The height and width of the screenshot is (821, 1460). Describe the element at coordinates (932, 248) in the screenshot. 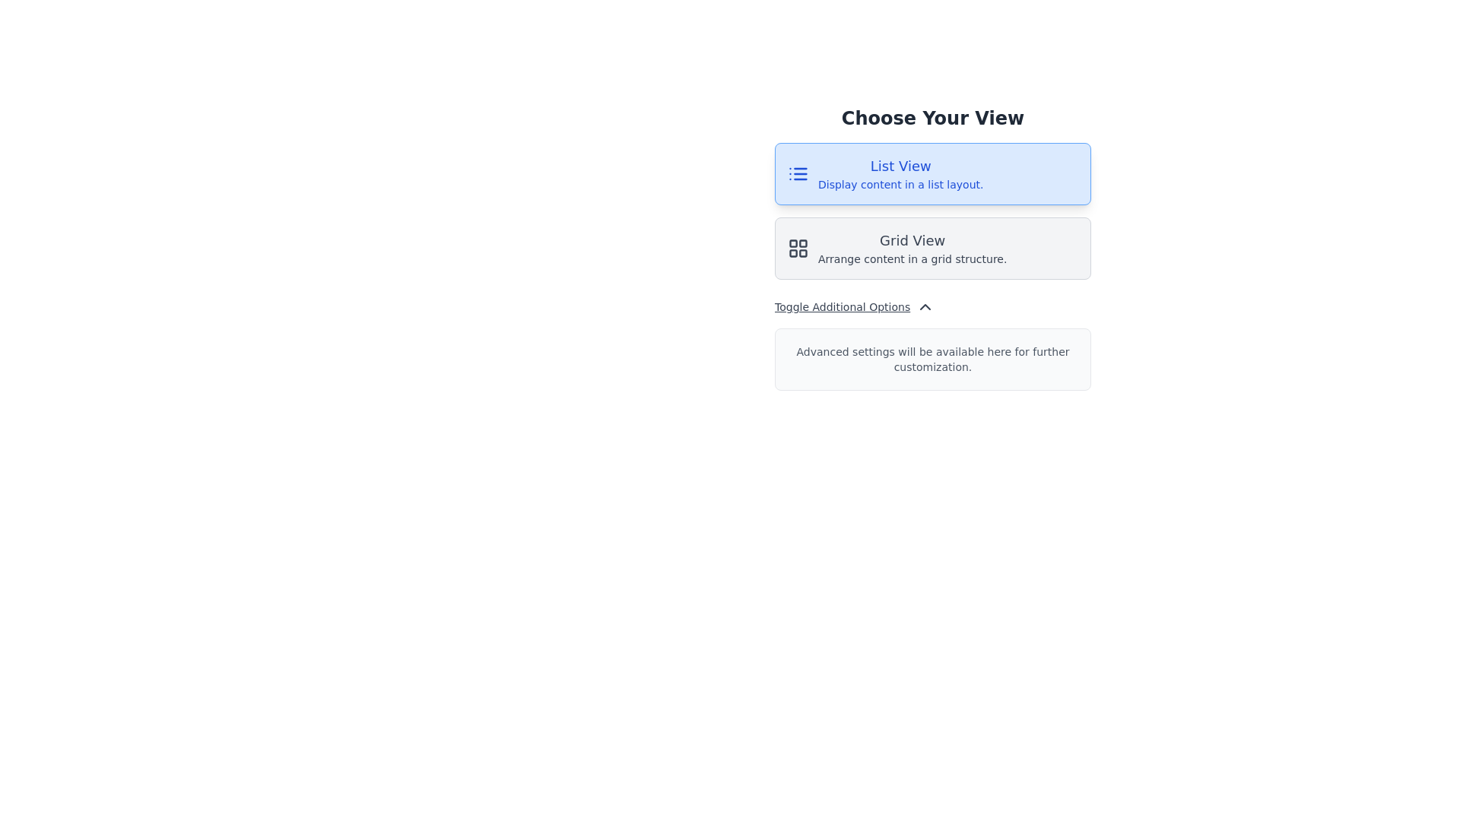

I see `the grid layout button located beneath the 'List View' button to indicate focus` at that location.